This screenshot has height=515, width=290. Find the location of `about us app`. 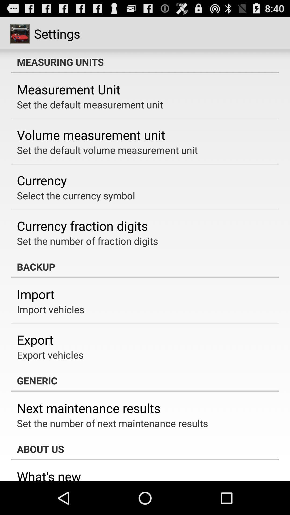

about us app is located at coordinates (145, 449).